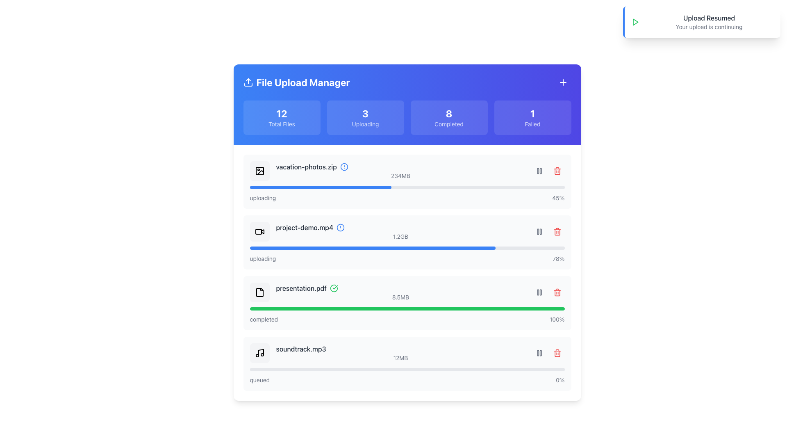 The image size is (787, 443). What do you see at coordinates (259, 352) in the screenshot?
I see `the musical note icon representing the file 'soundtrack.mp3' located at the bottom of the vertical list of items` at bounding box center [259, 352].